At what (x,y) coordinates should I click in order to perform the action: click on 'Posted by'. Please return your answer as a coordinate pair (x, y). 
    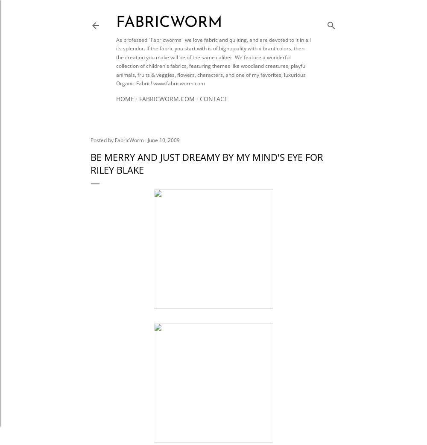
    Looking at the image, I should click on (90, 140).